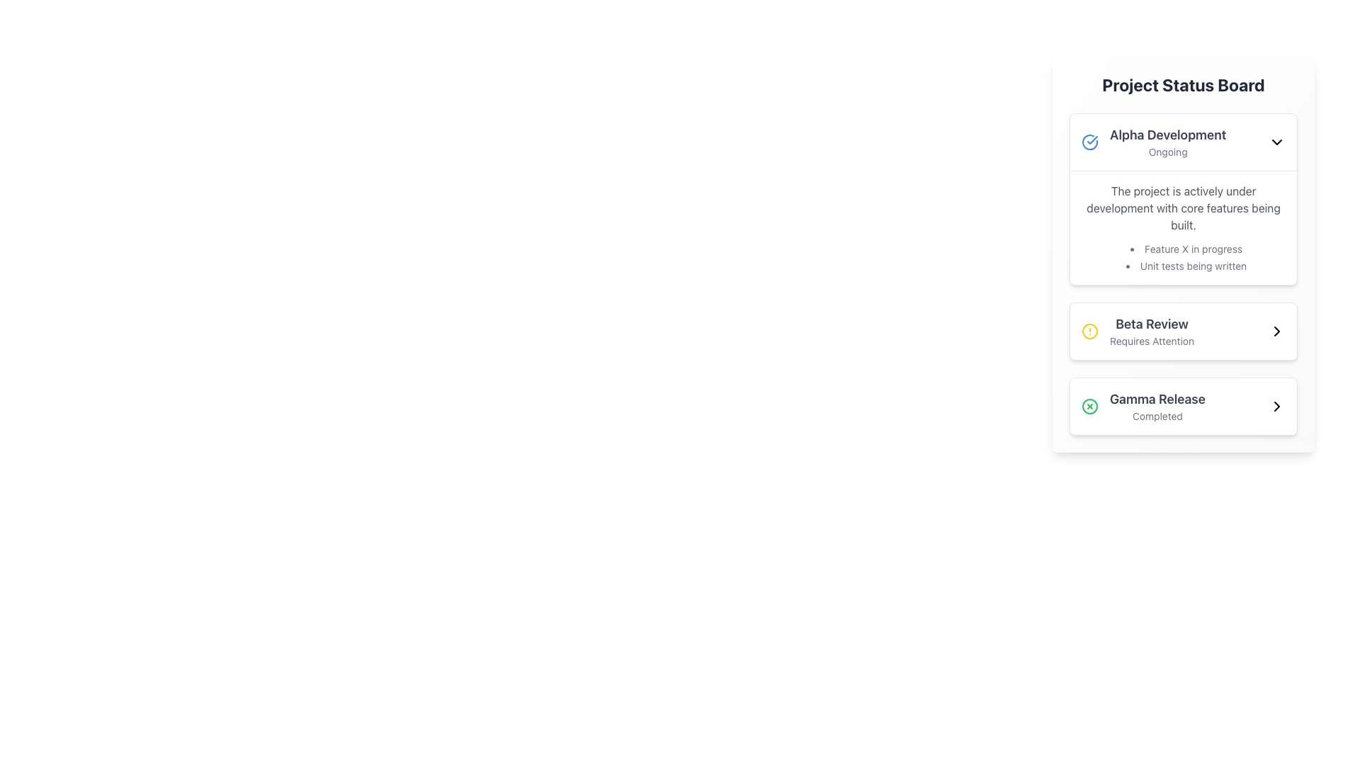 This screenshot has width=1360, height=765. What do you see at coordinates (1157, 407) in the screenshot?
I see `the Text display showing 'Gamma Release' and 'Completed' status information located at the bottom of the 'Project Status Board' section` at bounding box center [1157, 407].